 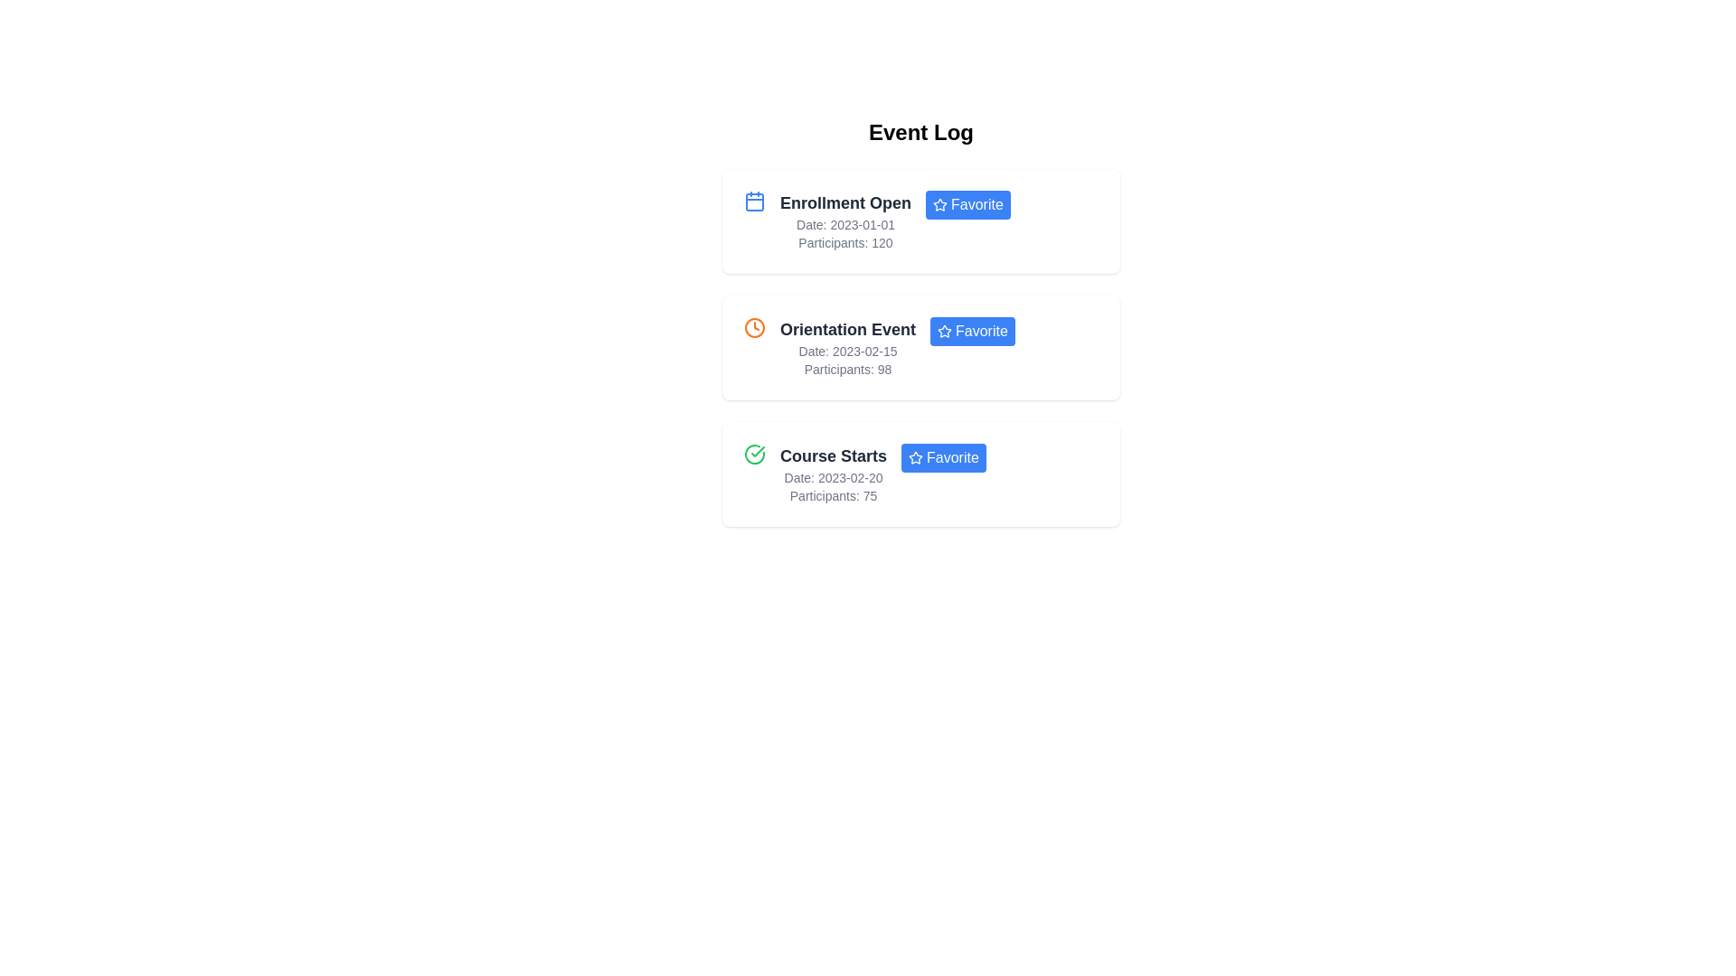 I want to click on the text label displaying 'Enrollment Open', which is the first line of text in the first event card beneath the 'Event Log' heading, so click(x=844, y=202).